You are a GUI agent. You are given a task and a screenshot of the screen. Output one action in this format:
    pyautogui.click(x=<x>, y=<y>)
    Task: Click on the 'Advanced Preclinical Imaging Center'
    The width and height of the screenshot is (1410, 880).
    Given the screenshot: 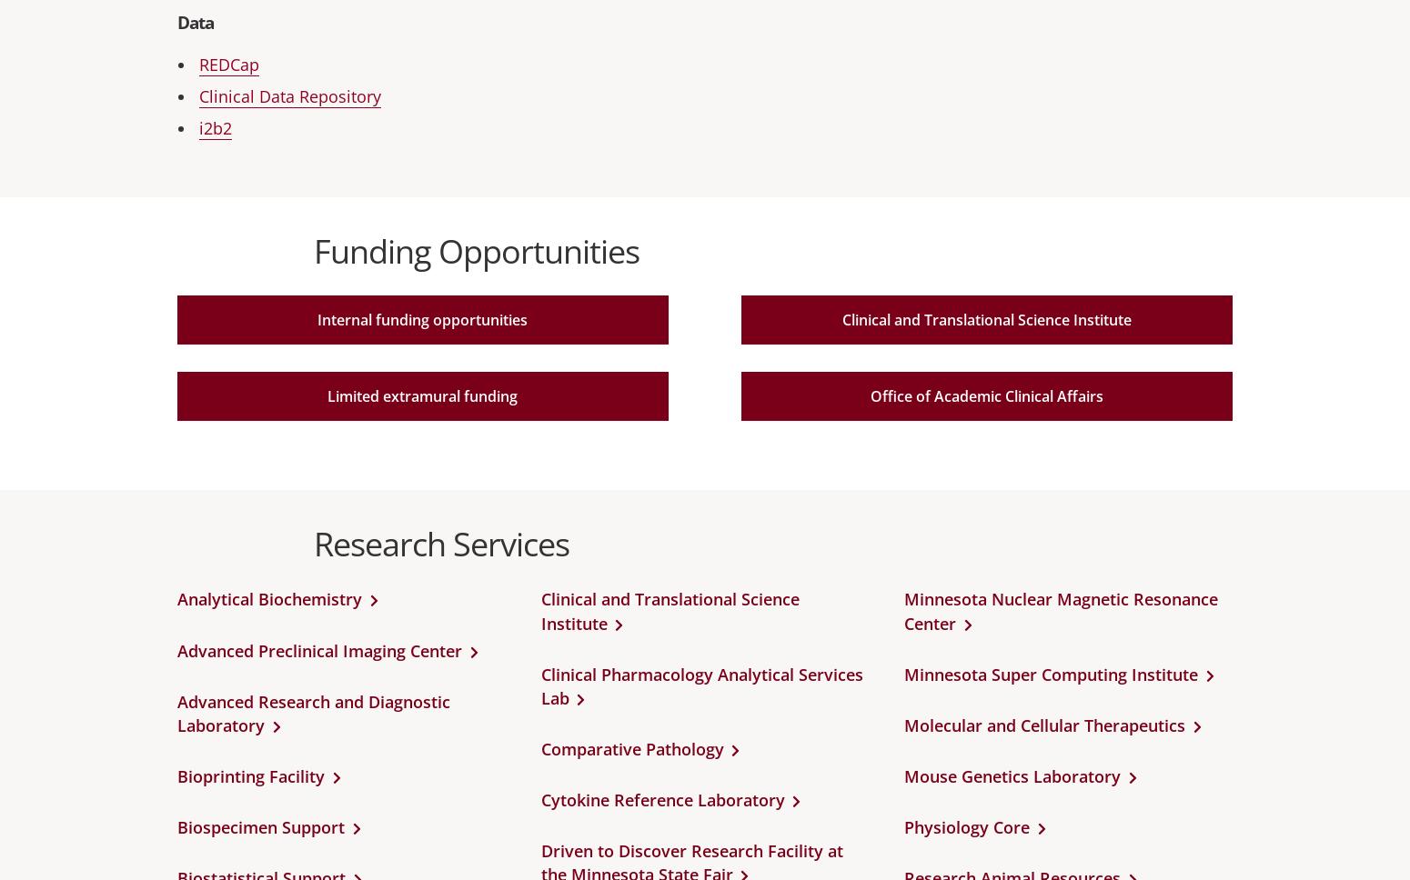 What is the action you would take?
    pyautogui.click(x=317, y=648)
    